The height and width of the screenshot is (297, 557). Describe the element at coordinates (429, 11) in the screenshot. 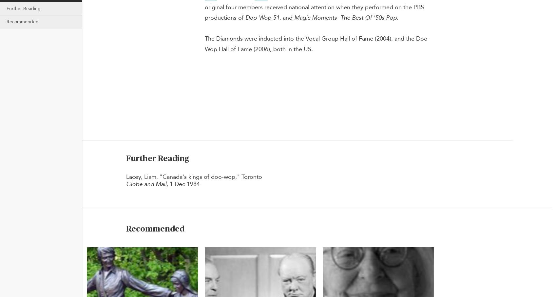

I see `'Heritage minutes'` at that location.